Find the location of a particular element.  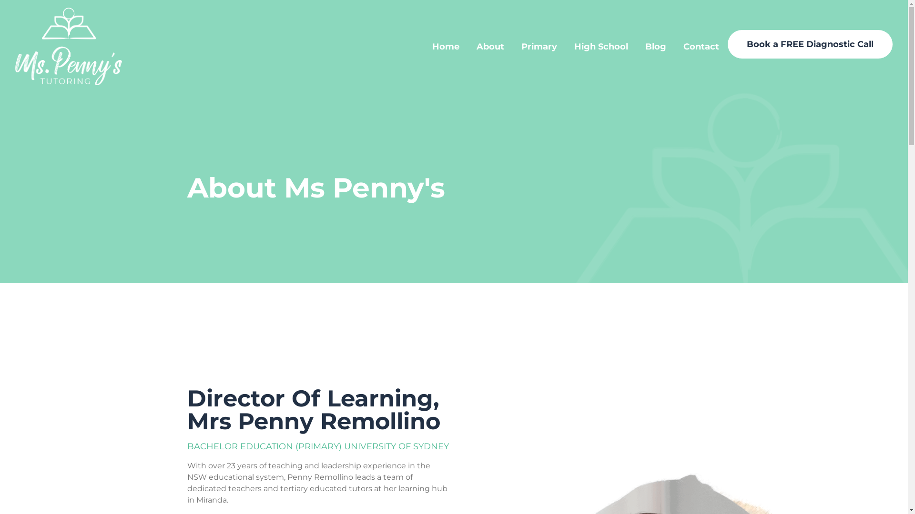

'Blog' is located at coordinates (636, 46).